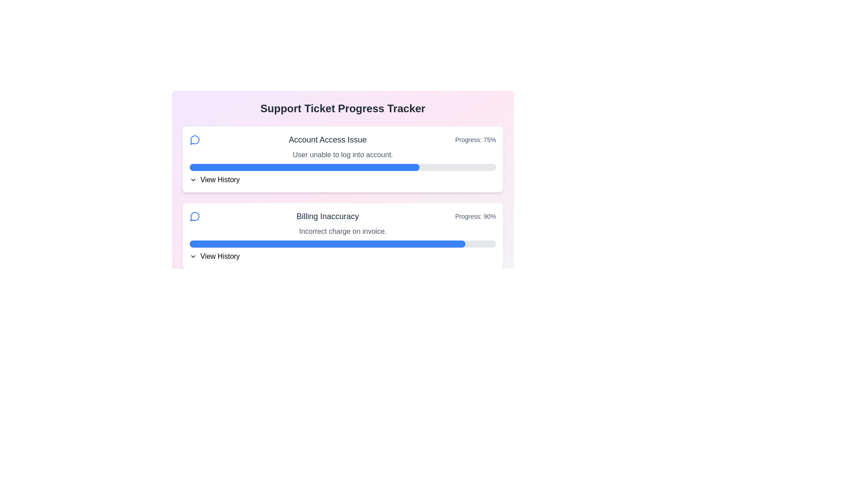 The height and width of the screenshot is (481, 855). I want to click on the static text label displaying 'Billing Inaccuracy', which is bold and large, located next to the chat bubble icon and above 'Progress: 90%', so click(327, 216).